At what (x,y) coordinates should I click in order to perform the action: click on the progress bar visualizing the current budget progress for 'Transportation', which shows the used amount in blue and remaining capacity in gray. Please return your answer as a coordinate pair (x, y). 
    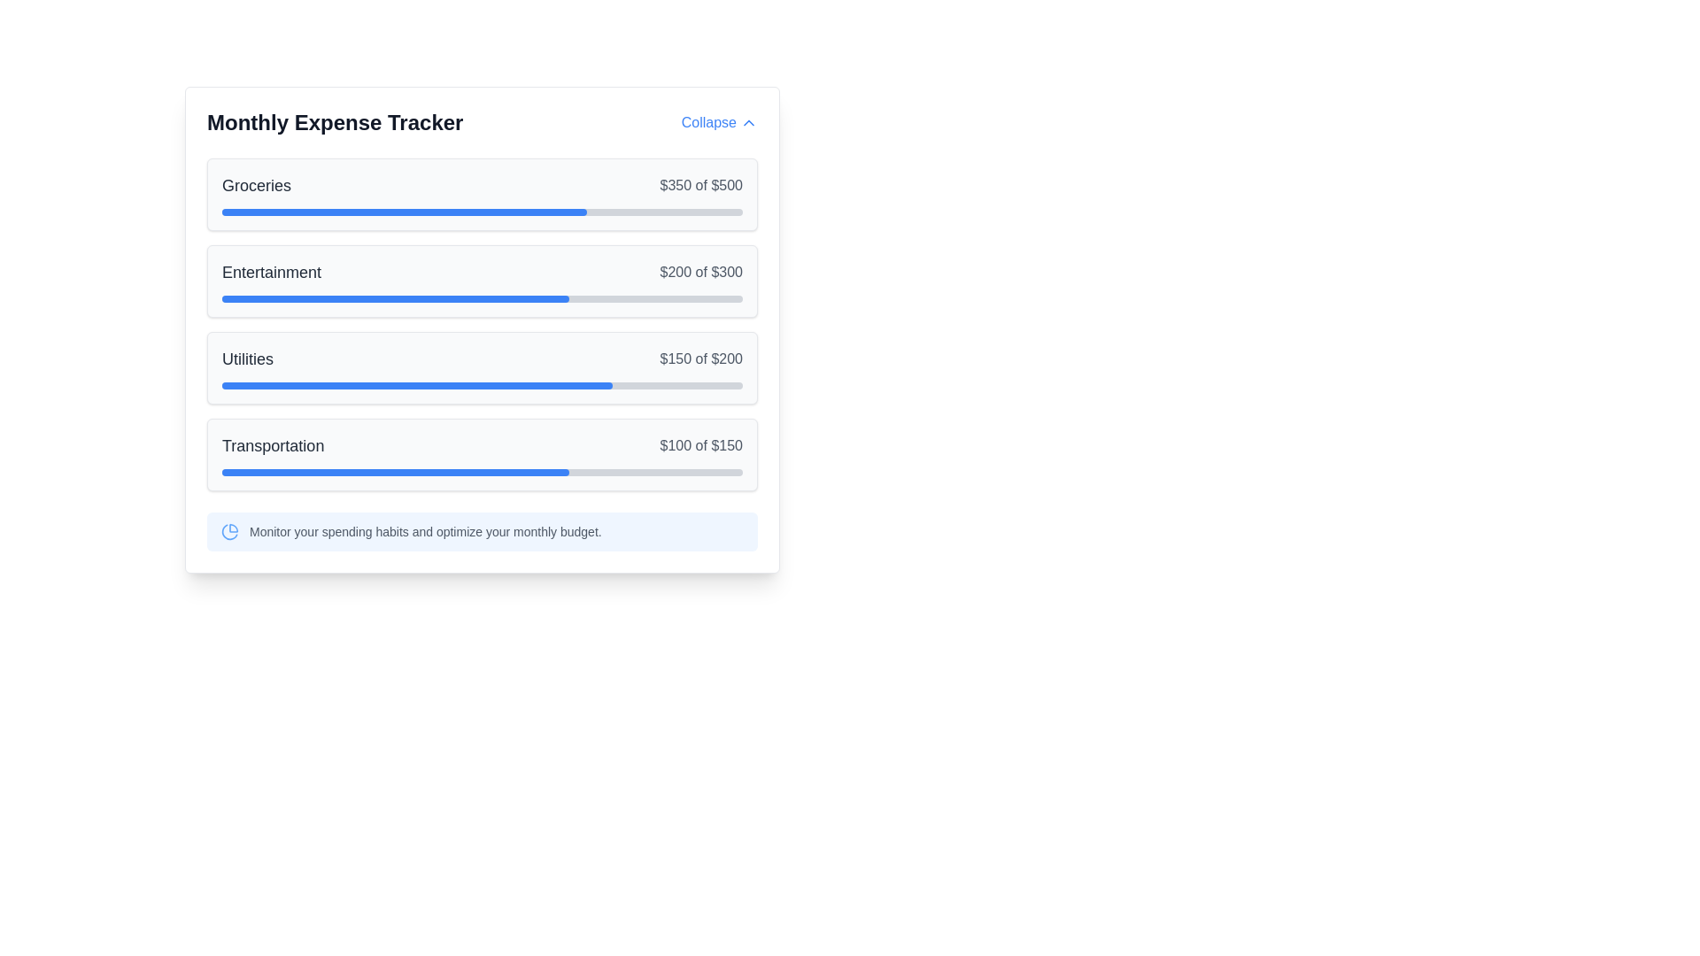
    Looking at the image, I should click on (483, 471).